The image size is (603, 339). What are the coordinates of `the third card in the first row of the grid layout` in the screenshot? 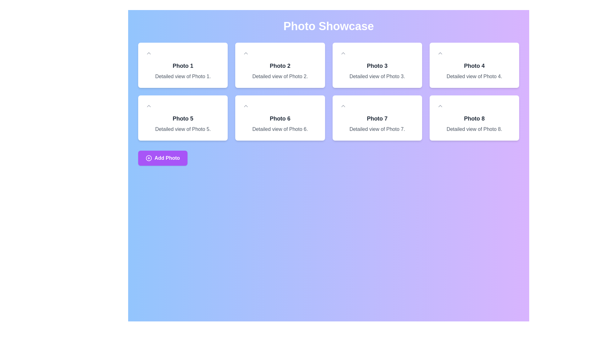 It's located at (377, 65).